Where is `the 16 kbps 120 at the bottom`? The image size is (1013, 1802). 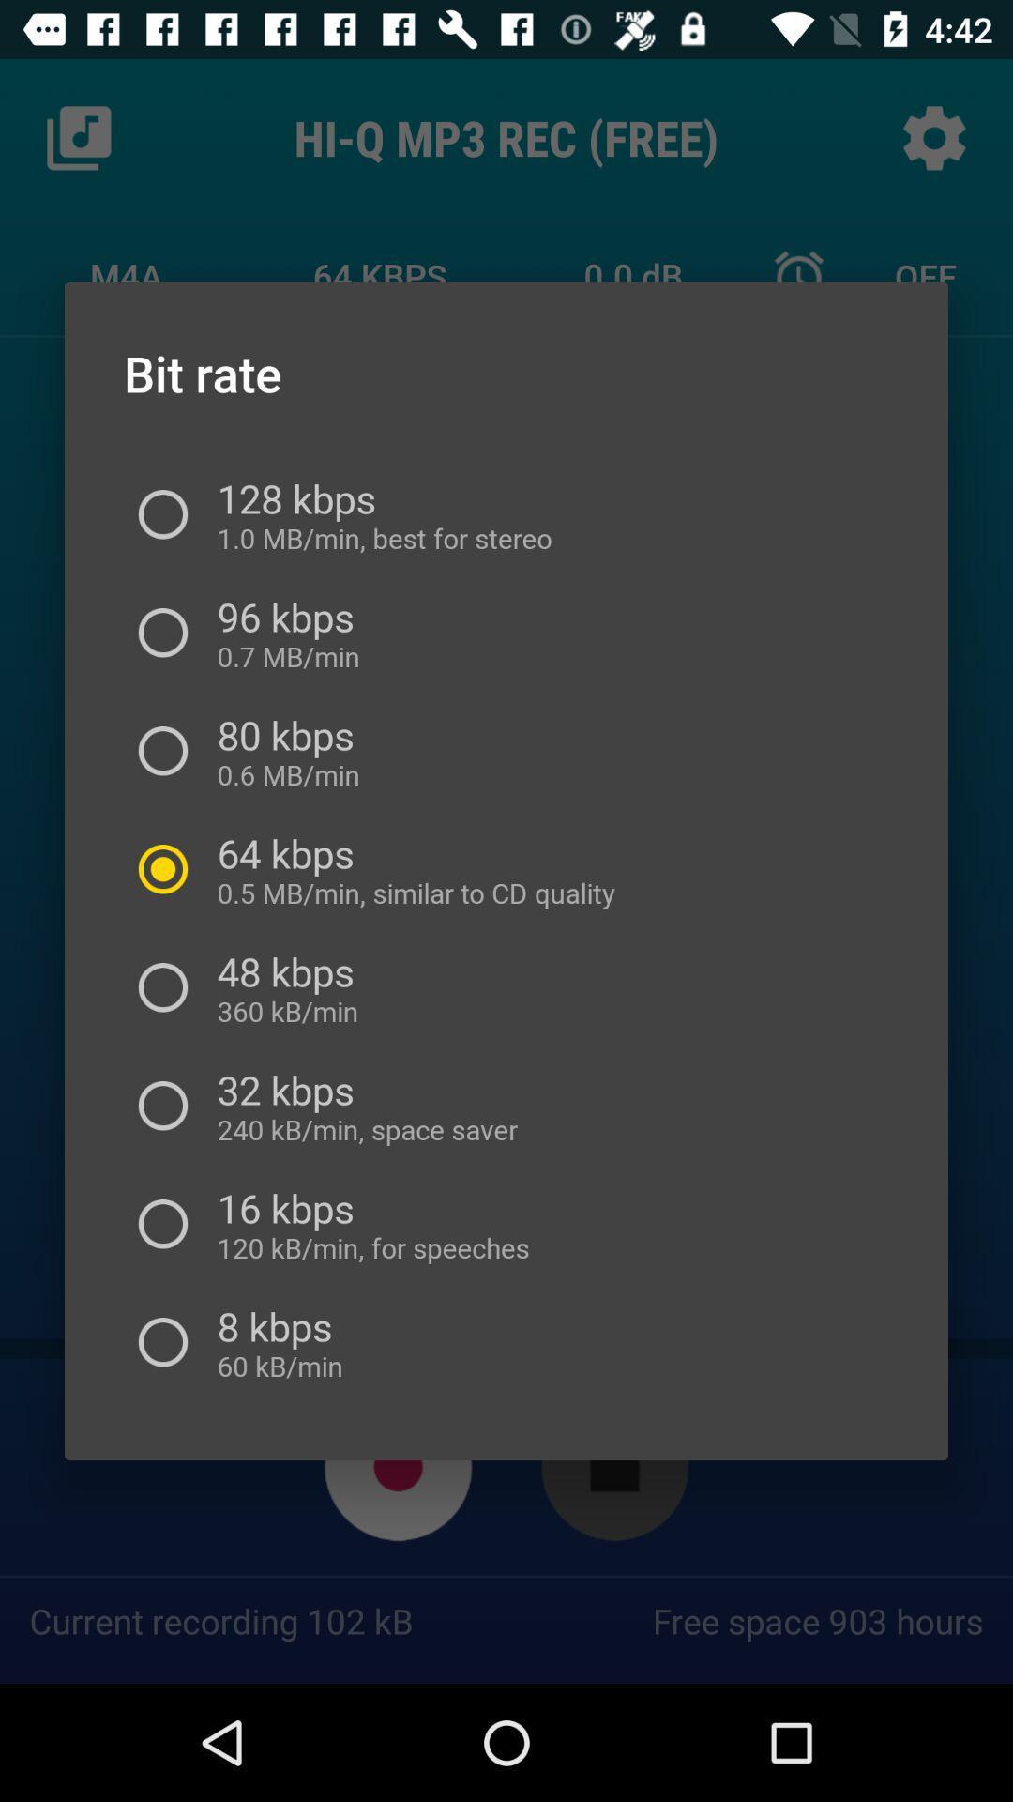 the 16 kbps 120 at the bottom is located at coordinates (366, 1224).